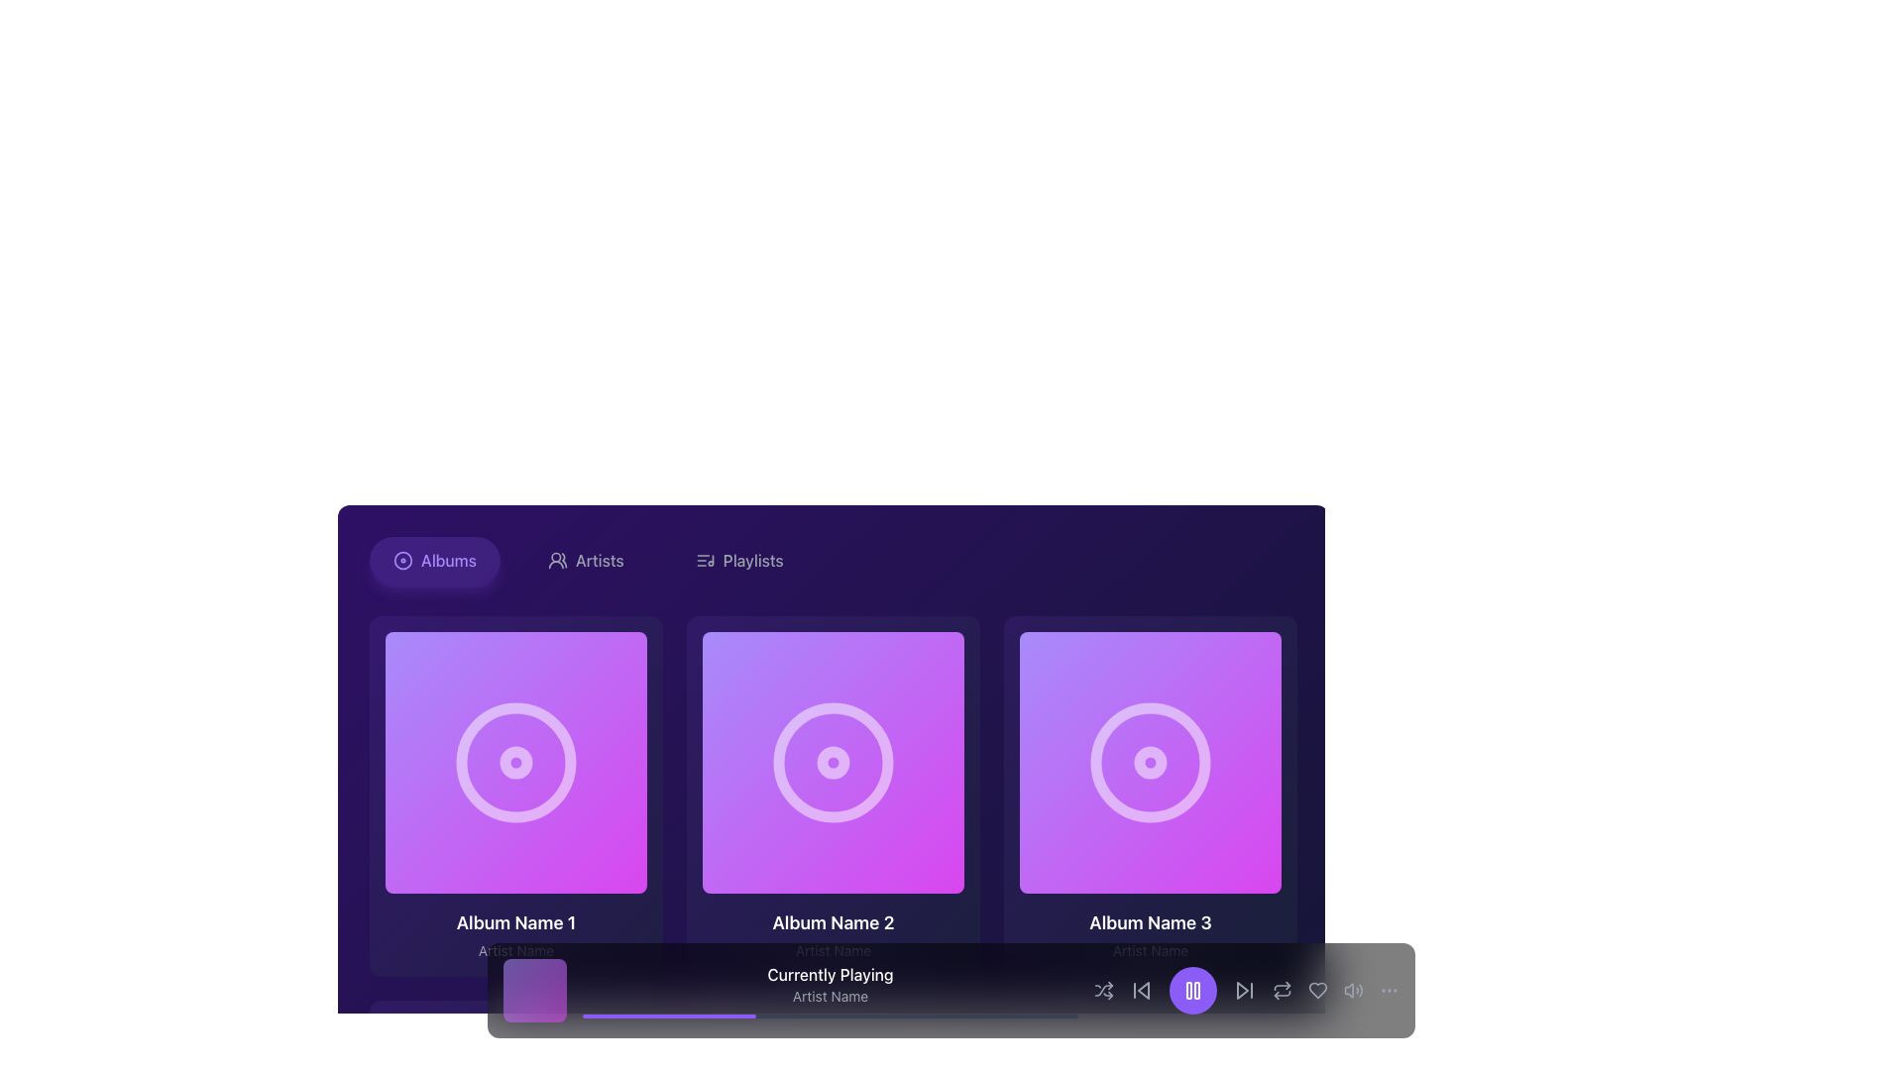  What do you see at coordinates (516, 762) in the screenshot?
I see `the play button for the album labeled 'Album Name 1'` at bounding box center [516, 762].